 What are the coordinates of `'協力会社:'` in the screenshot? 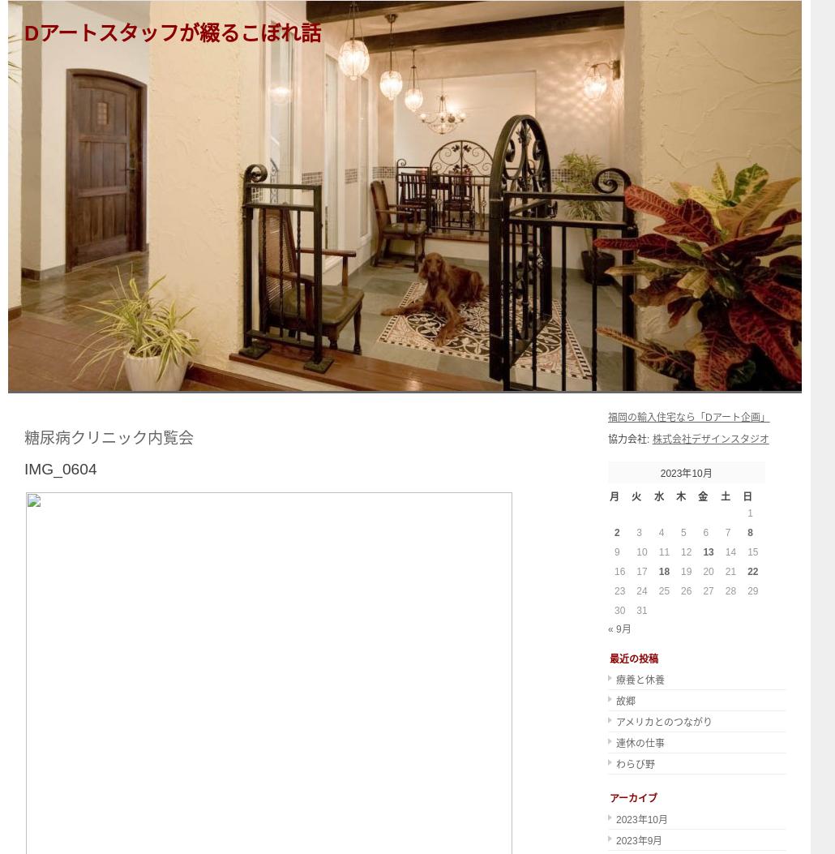 It's located at (629, 438).